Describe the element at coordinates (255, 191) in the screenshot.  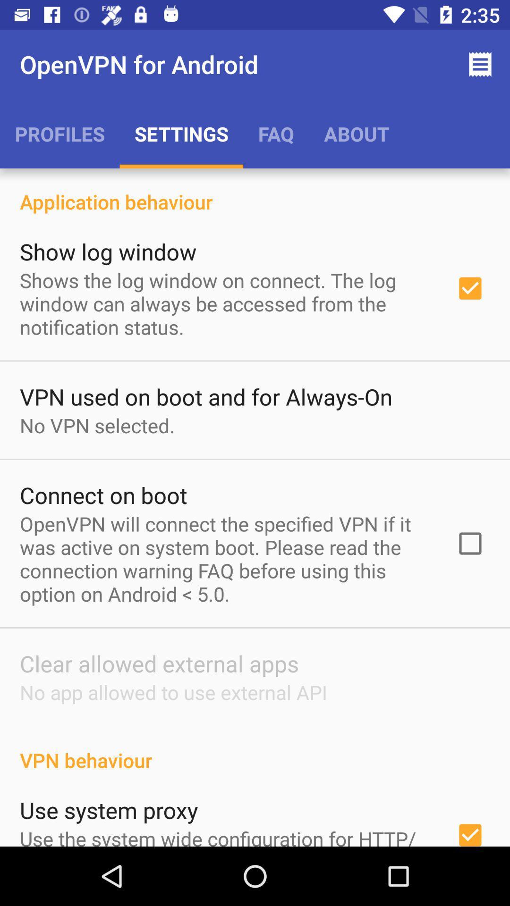
I see `the application behaviour` at that location.